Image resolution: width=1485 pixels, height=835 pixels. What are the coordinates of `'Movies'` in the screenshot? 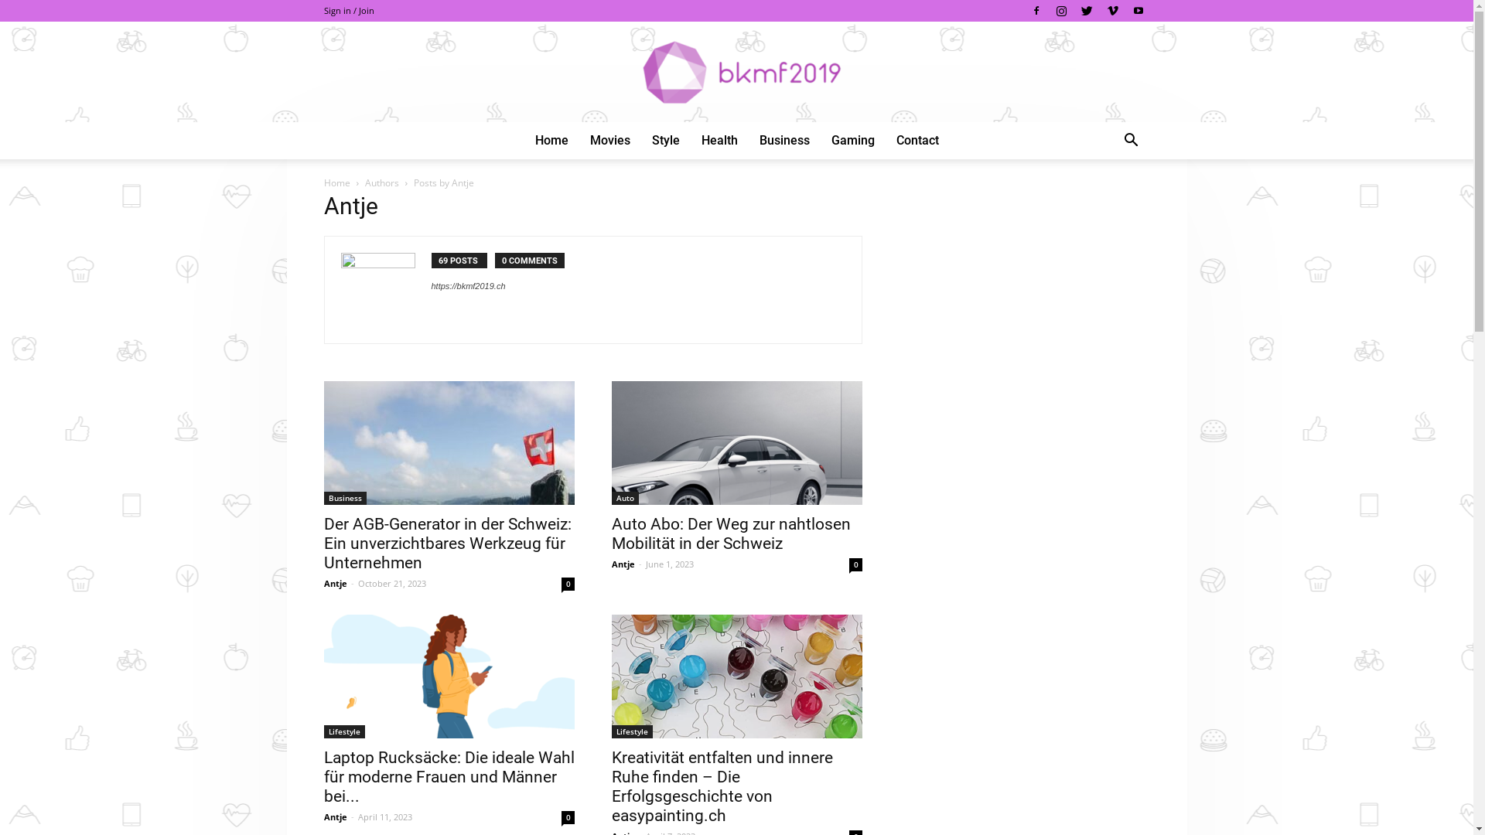 It's located at (608, 140).